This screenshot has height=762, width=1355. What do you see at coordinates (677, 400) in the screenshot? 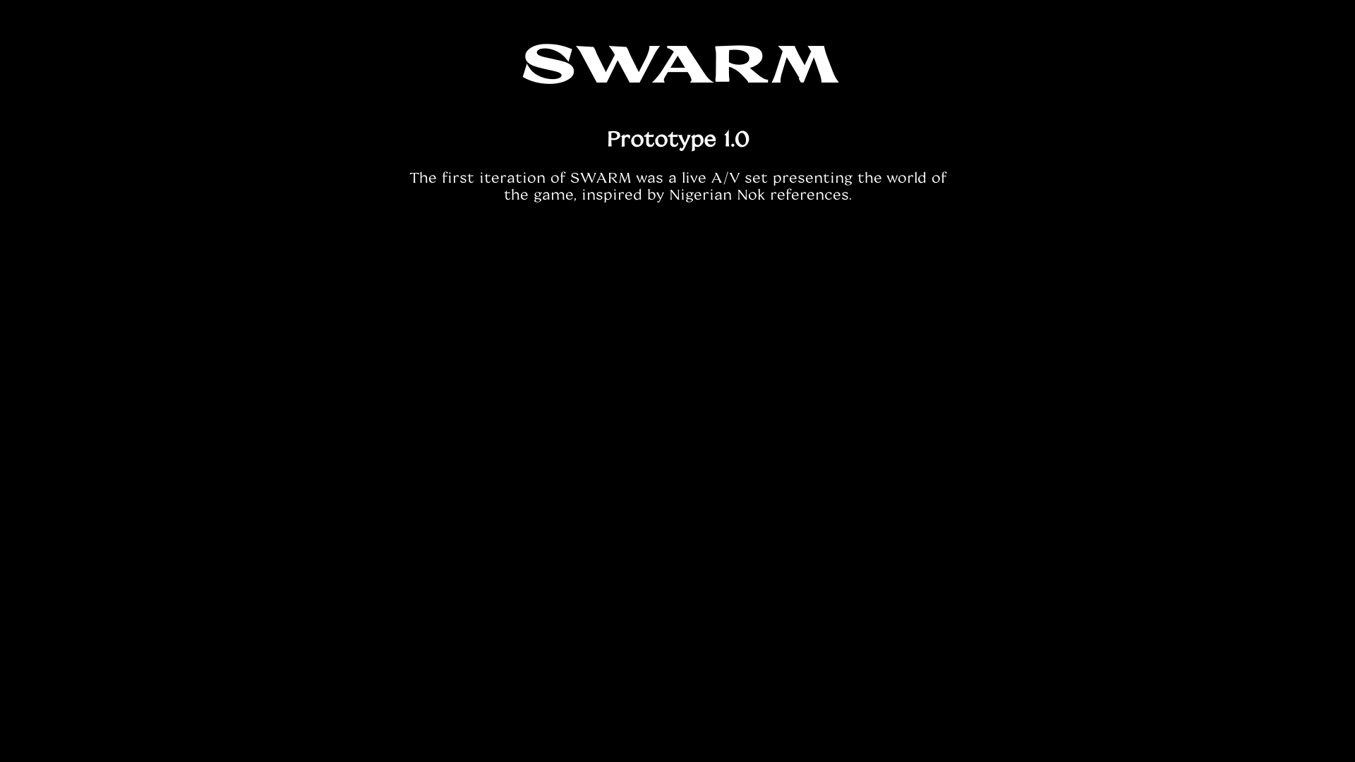
I see `'YouTube video player'` at bounding box center [677, 400].